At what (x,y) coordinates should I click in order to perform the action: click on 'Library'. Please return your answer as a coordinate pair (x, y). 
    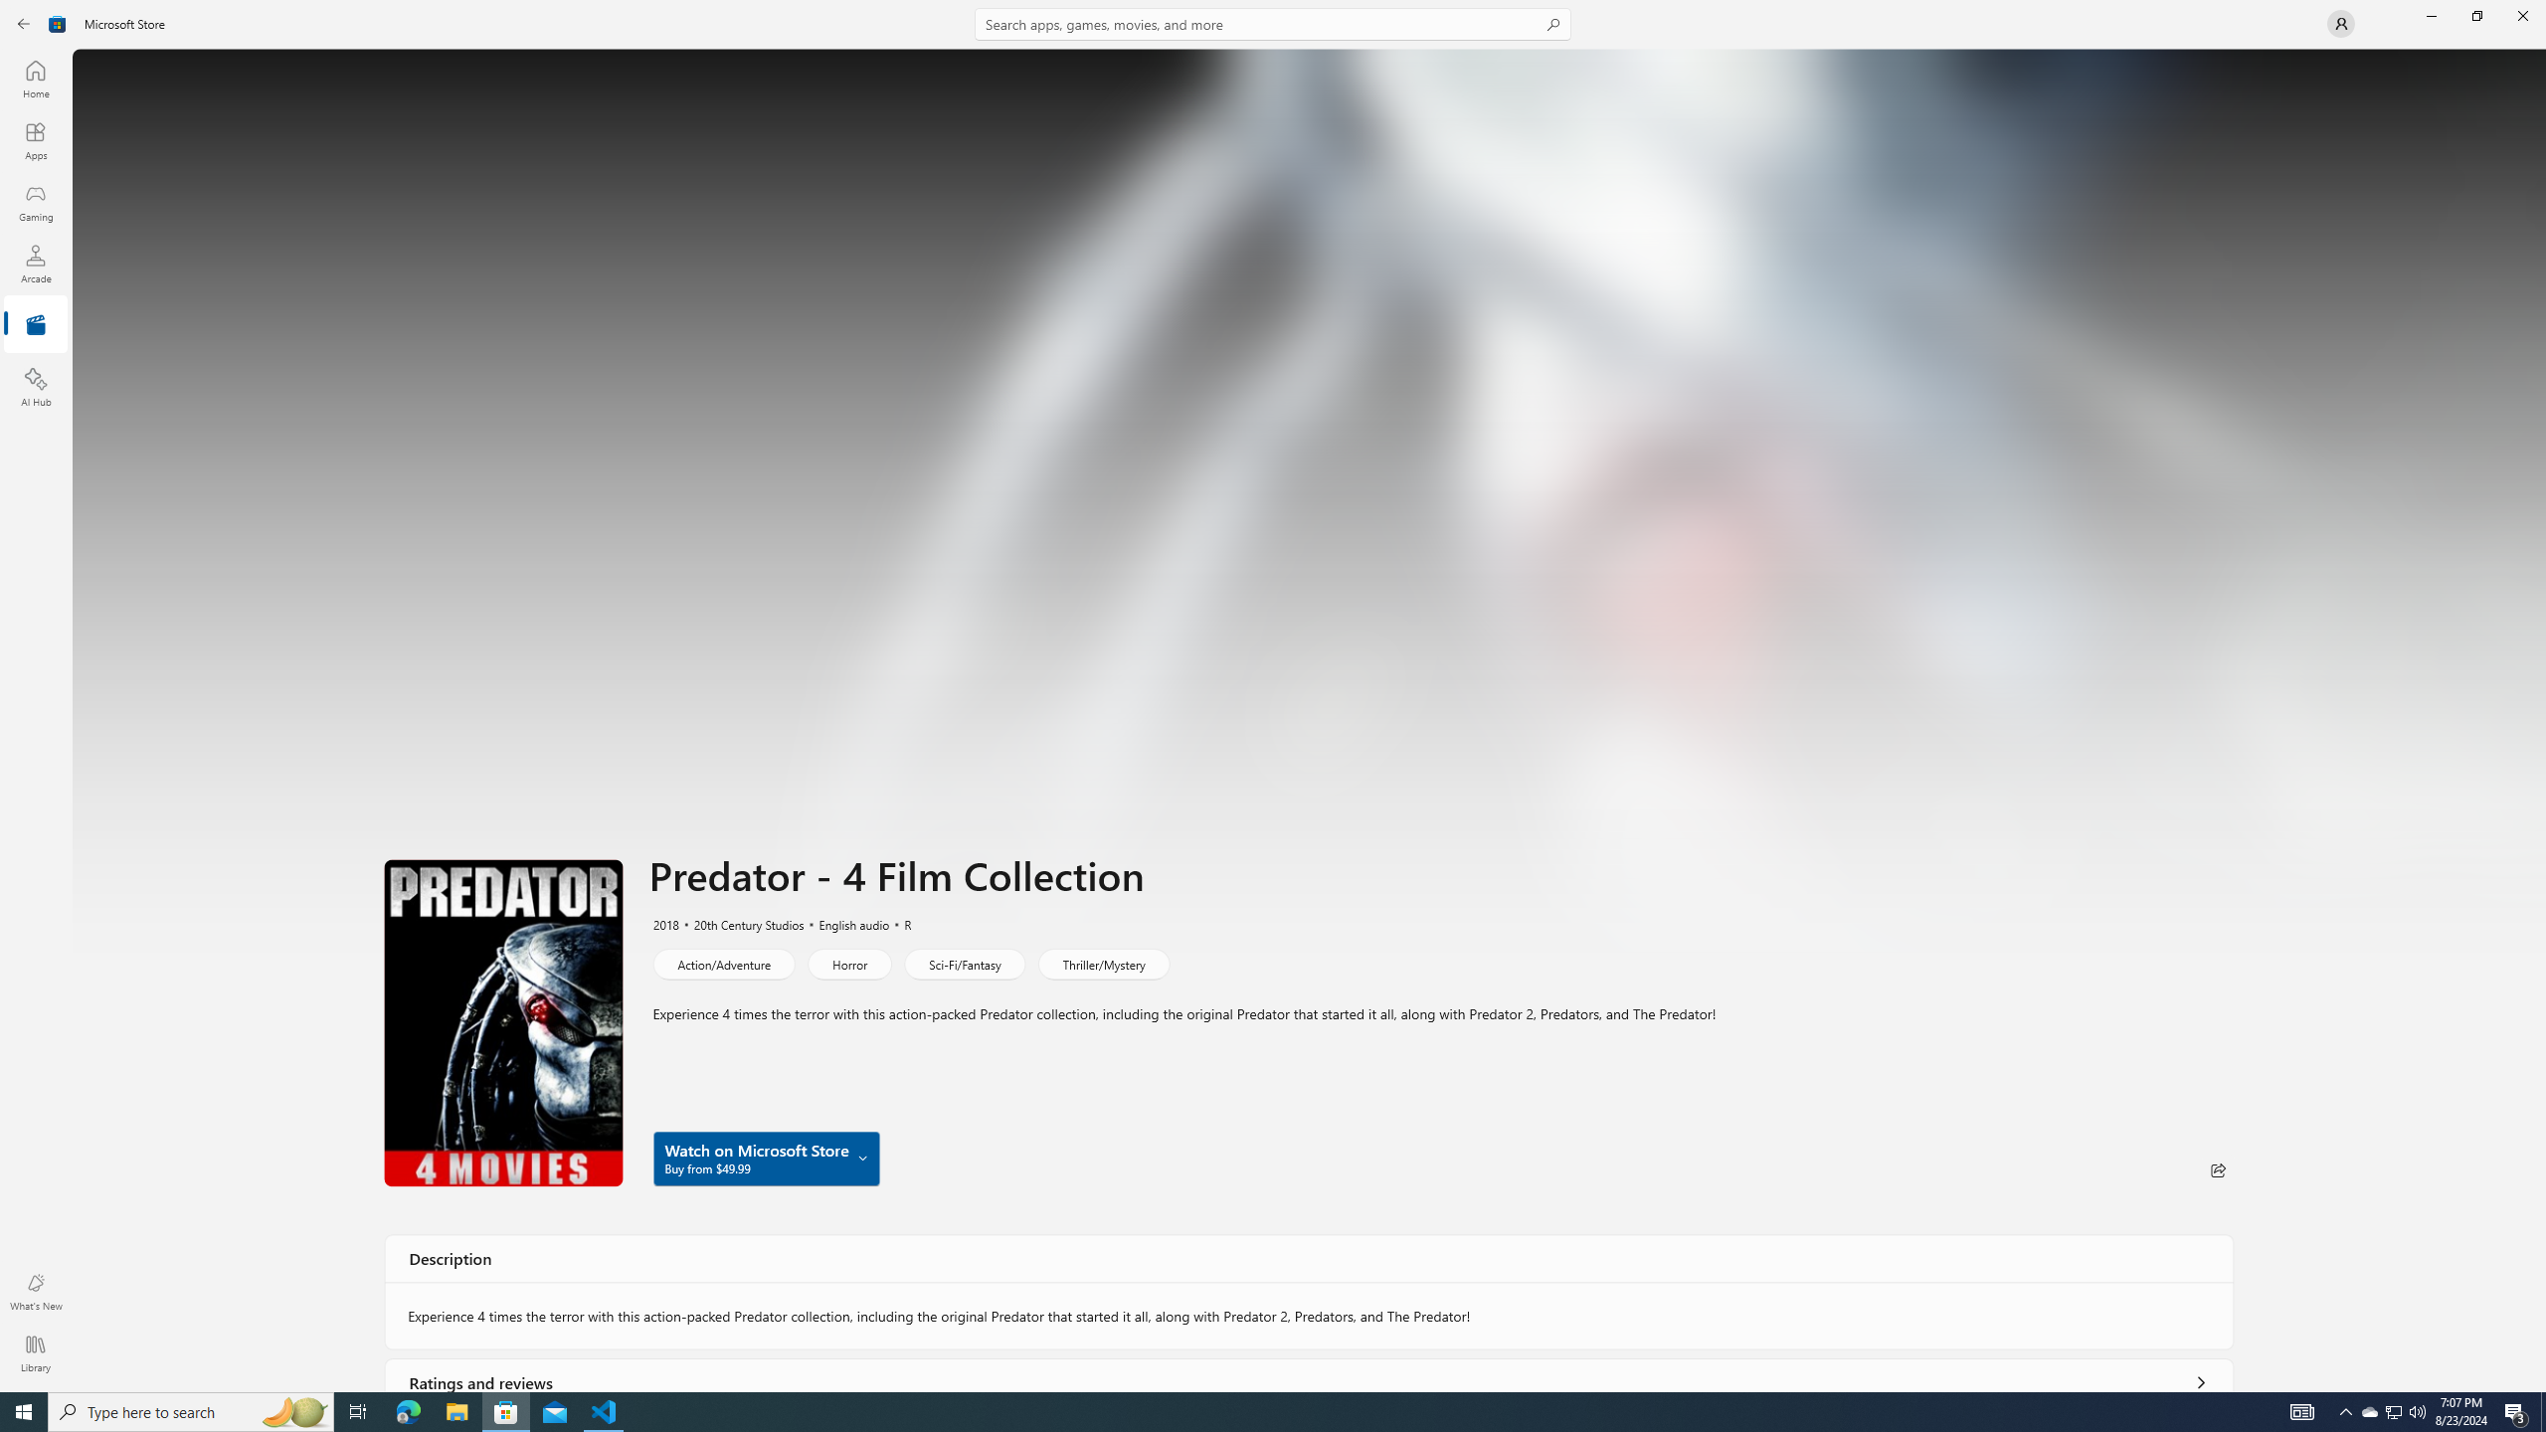
    Looking at the image, I should click on (34, 1352).